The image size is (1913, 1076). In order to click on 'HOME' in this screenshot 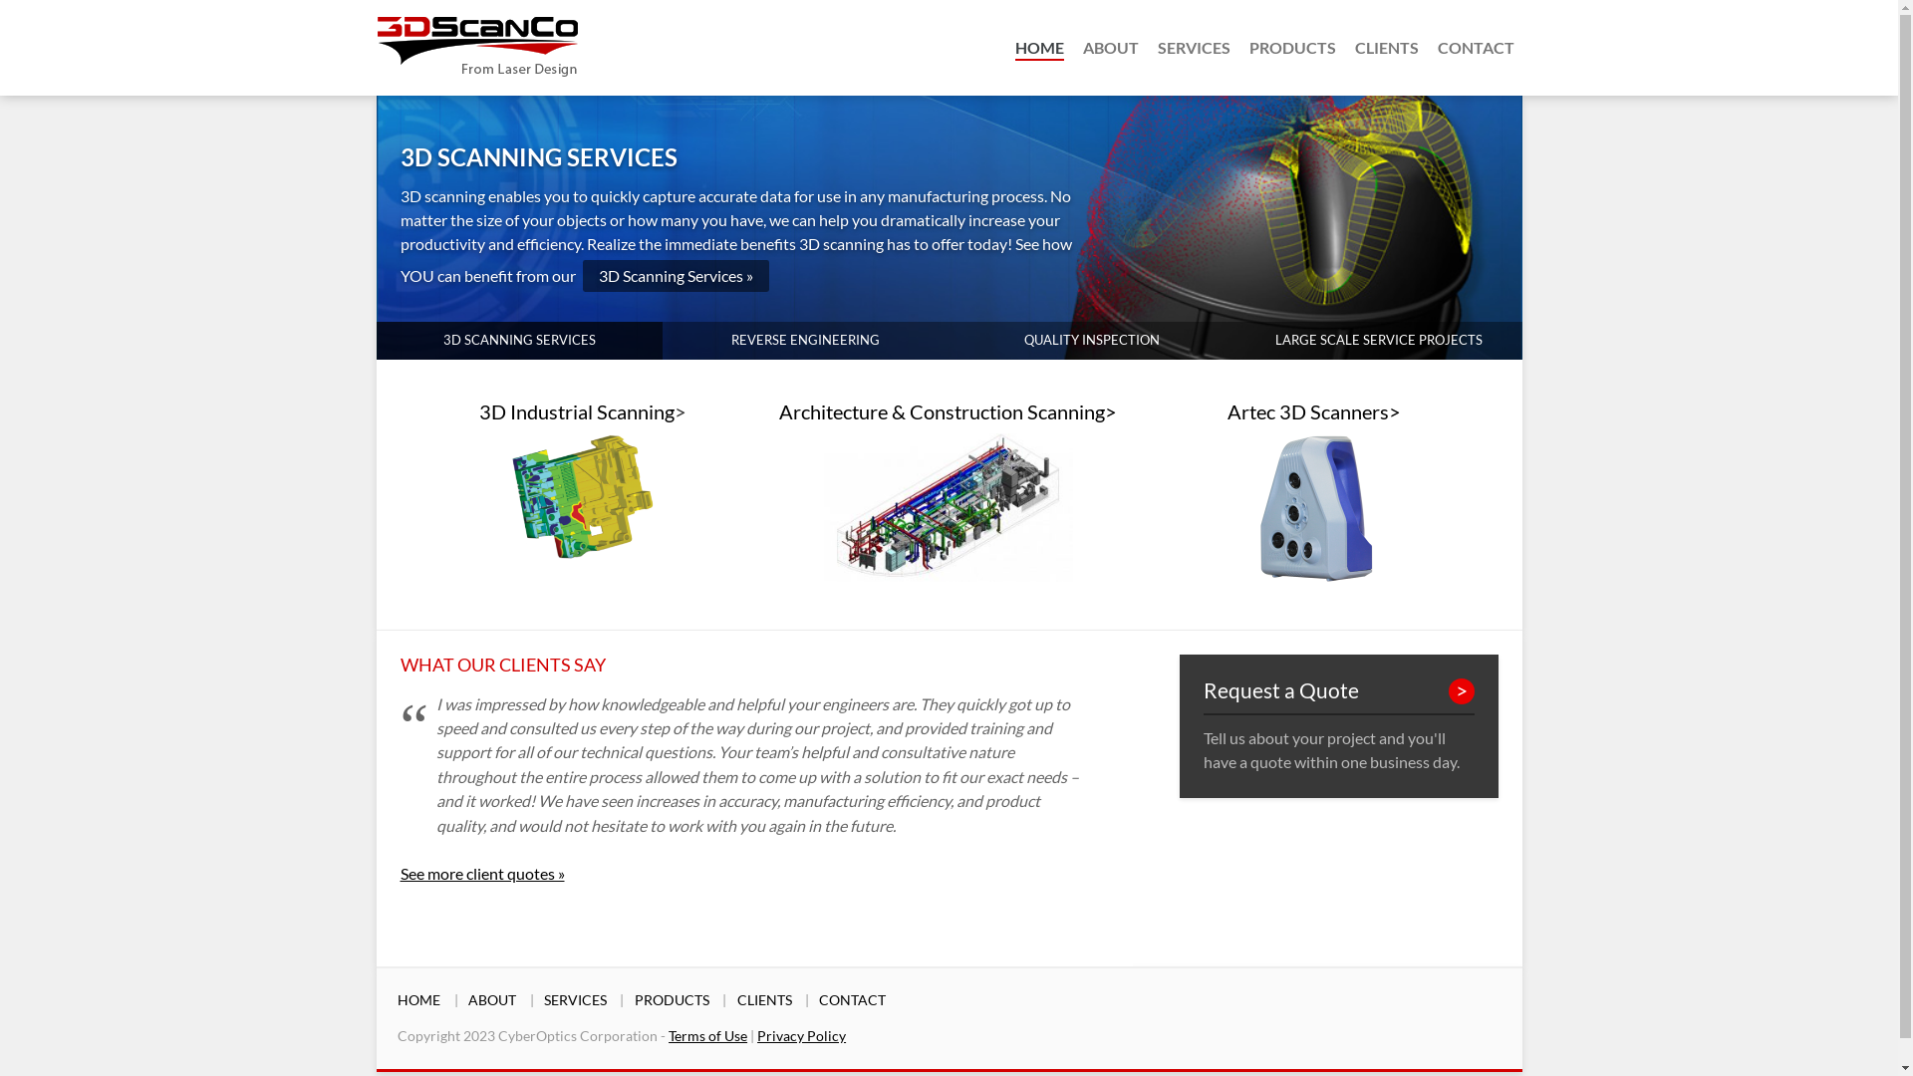, I will do `click(417, 999)`.